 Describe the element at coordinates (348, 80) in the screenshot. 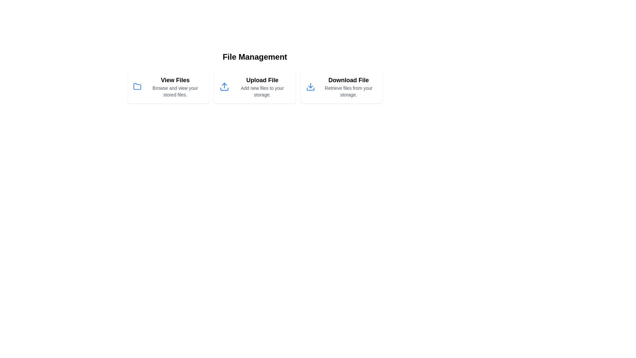

I see `the 'Download File' text label, which is styled with a larger font size and bold weight, located in the rightmost section of a three-column grid layout` at that location.